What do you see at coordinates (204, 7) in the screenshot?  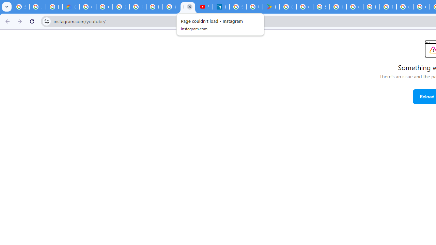 I see `'YouTube Culture & Trends - On The Rise: Handcam Videos'` at bounding box center [204, 7].